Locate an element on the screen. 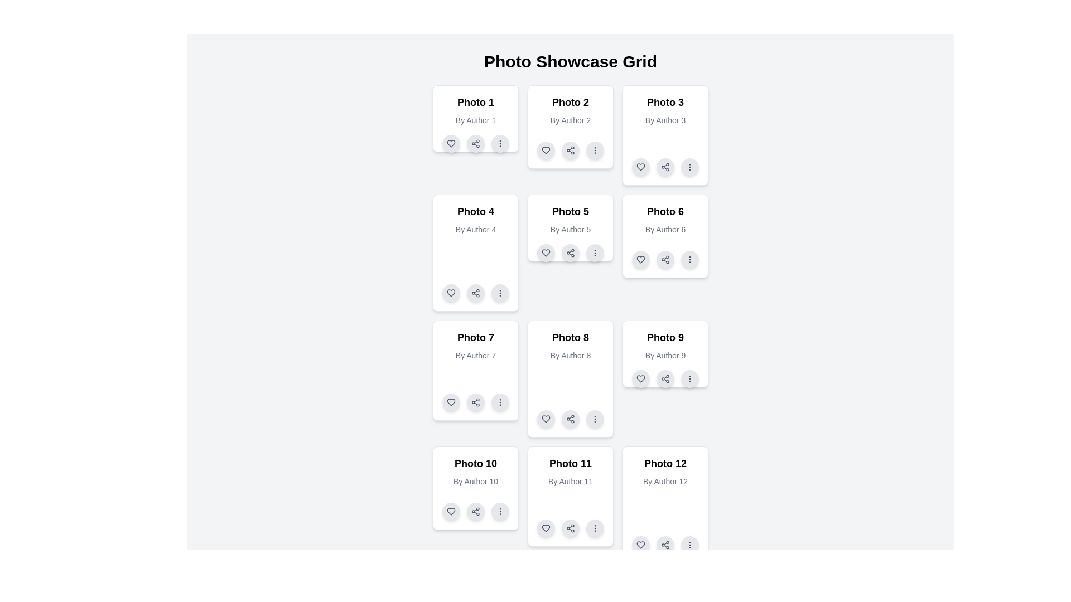 This screenshot has height=602, width=1071. the interactive button located in the second card of the topmost row of the grid layout to reveal the dropdown menu or additional options is located at coordinates (594, 151).